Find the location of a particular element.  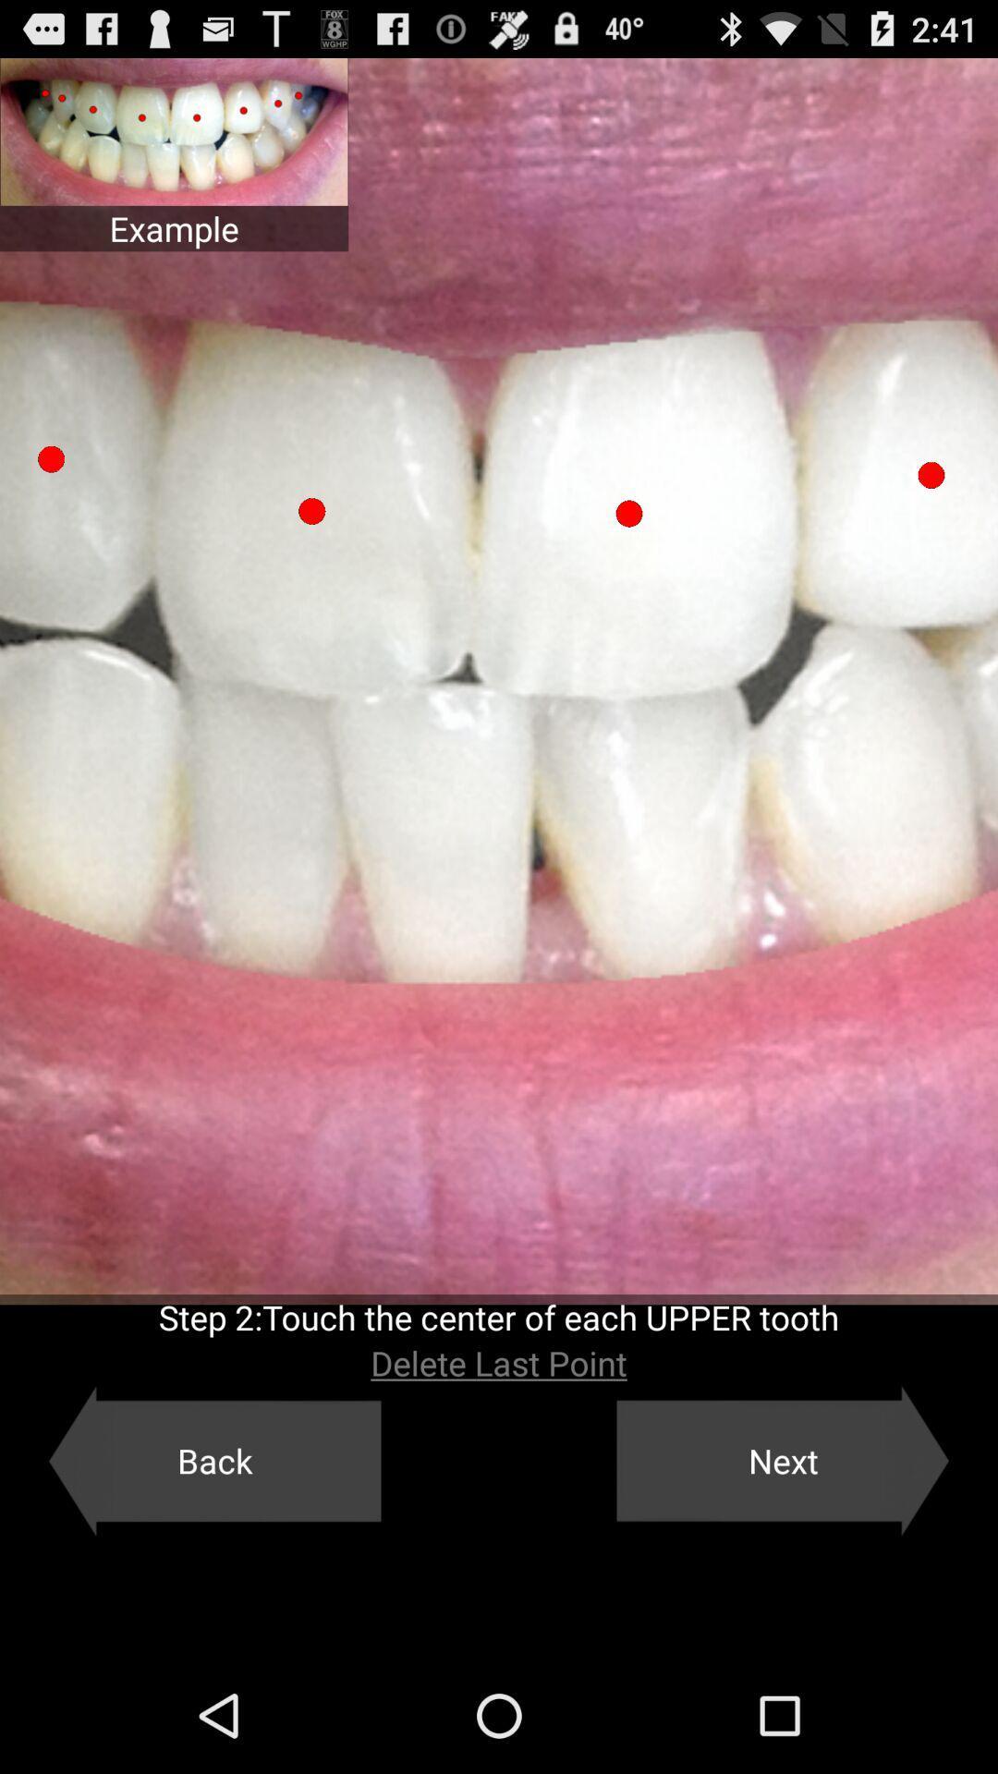

next button is located at coordinates (783, 1460).